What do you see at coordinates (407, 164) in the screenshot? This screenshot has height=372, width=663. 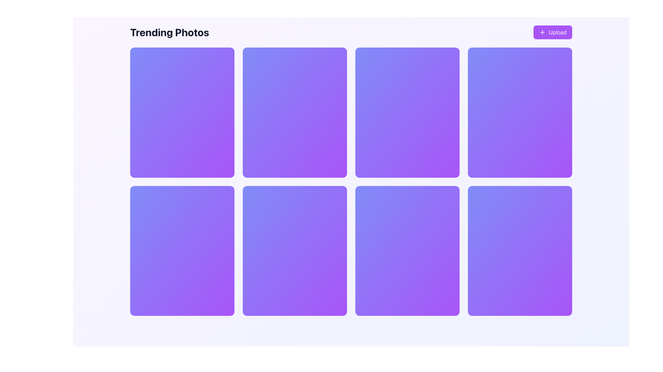 I see `the footer of the sixth card in a grid layout` at bounding box center [407, 164].